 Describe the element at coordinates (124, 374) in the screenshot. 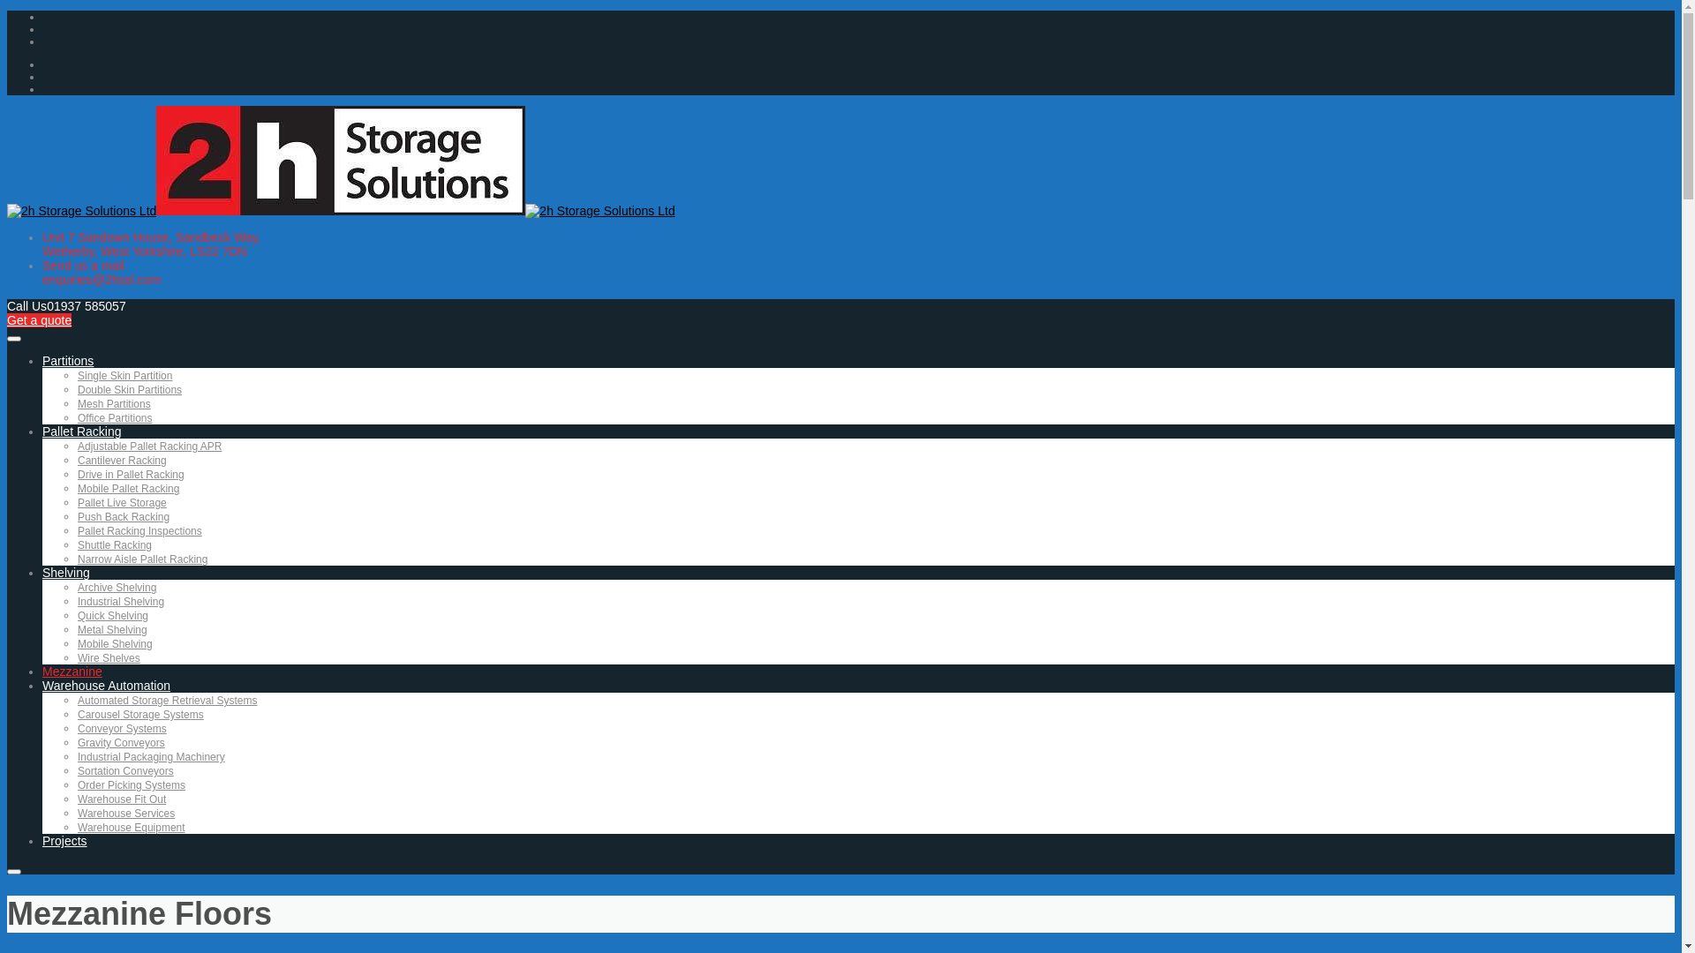

I see `'Single Skin Partition'` at that location.